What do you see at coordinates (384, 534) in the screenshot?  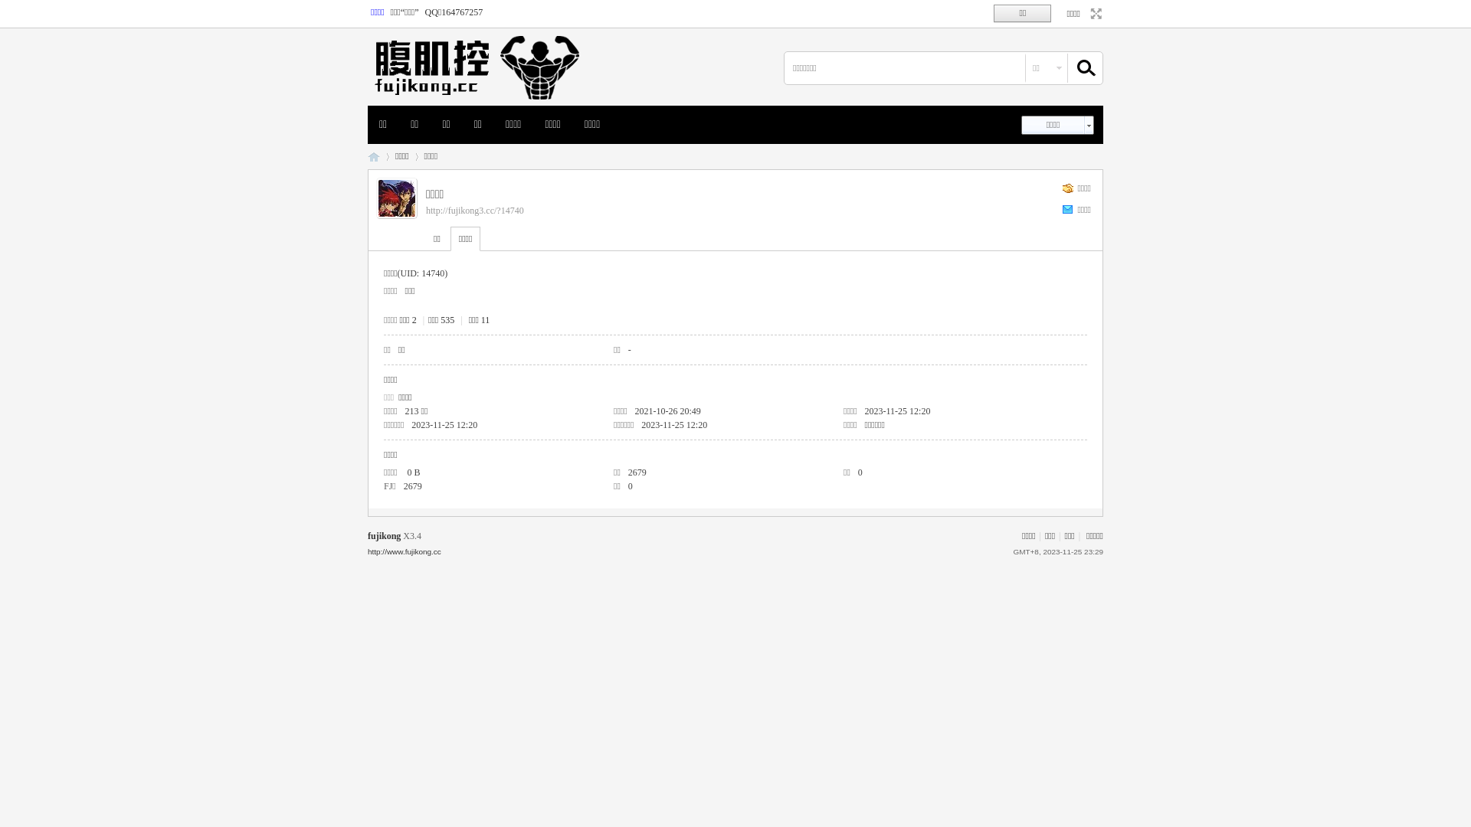 I see `'fujikong'` at bounding box center [384, 534].